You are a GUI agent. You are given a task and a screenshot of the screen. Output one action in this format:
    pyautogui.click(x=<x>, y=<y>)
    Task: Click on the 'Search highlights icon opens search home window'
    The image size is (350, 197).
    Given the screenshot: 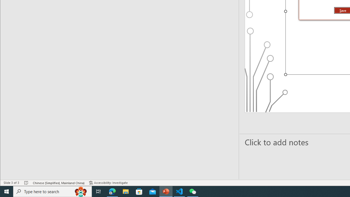 What is the action you would take?
    pyautogui.click(x=80, y=191)
    